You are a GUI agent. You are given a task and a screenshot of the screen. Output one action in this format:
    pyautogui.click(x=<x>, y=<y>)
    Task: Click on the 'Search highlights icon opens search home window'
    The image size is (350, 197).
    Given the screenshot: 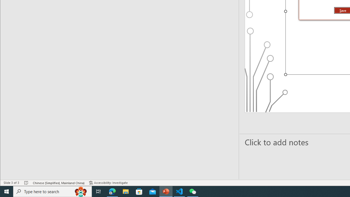 What is the action you would take?
    pyautogui.click(x=80, y=191)
    